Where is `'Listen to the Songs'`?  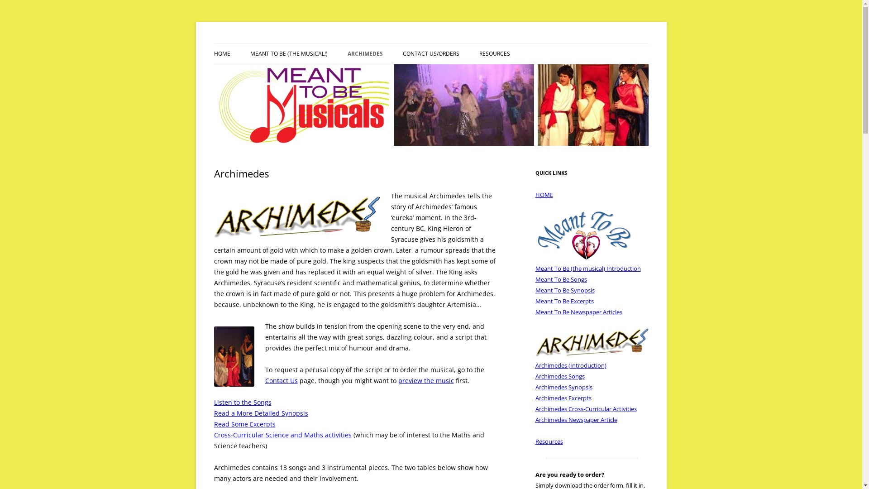 'Listen to the Songs' is located at coordinates (242, 402).